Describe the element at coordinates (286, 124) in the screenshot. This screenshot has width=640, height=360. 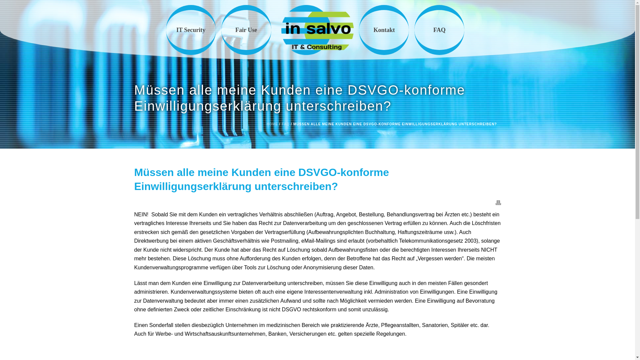
I see `'FAQ'` at that location.